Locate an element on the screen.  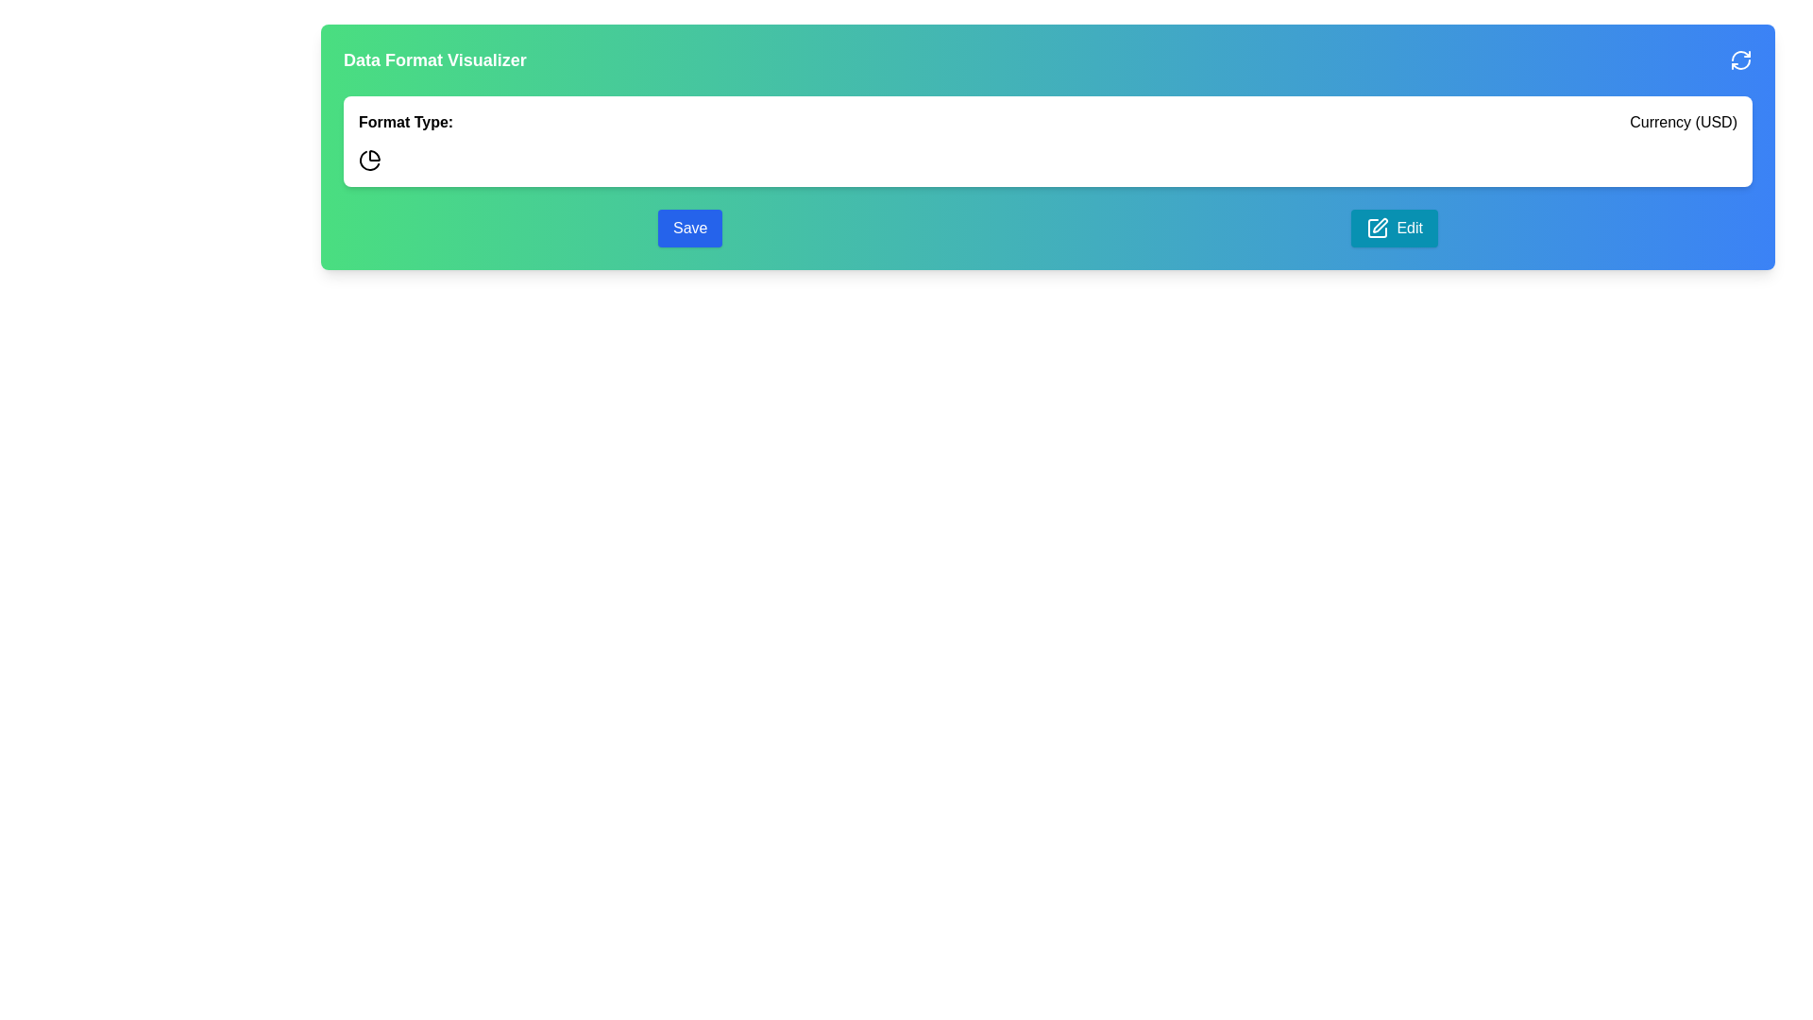
the 'Edit' button located to the right of the 'Save' button, enabling users to modify data or settings displayed above it is located at coordinates (1395, 228).